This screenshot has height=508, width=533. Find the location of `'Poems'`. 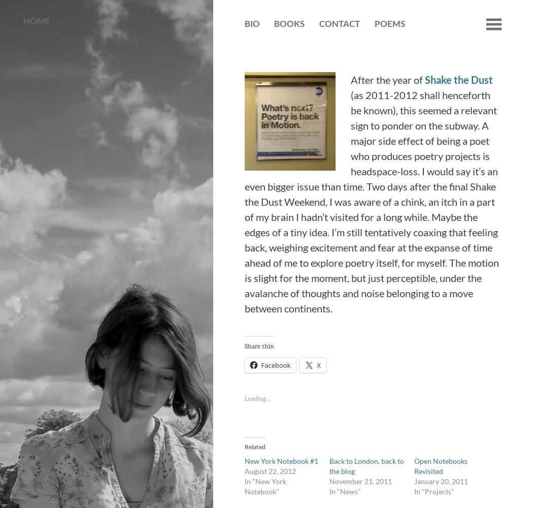

'Poems' is located at coordinates (373, 24).